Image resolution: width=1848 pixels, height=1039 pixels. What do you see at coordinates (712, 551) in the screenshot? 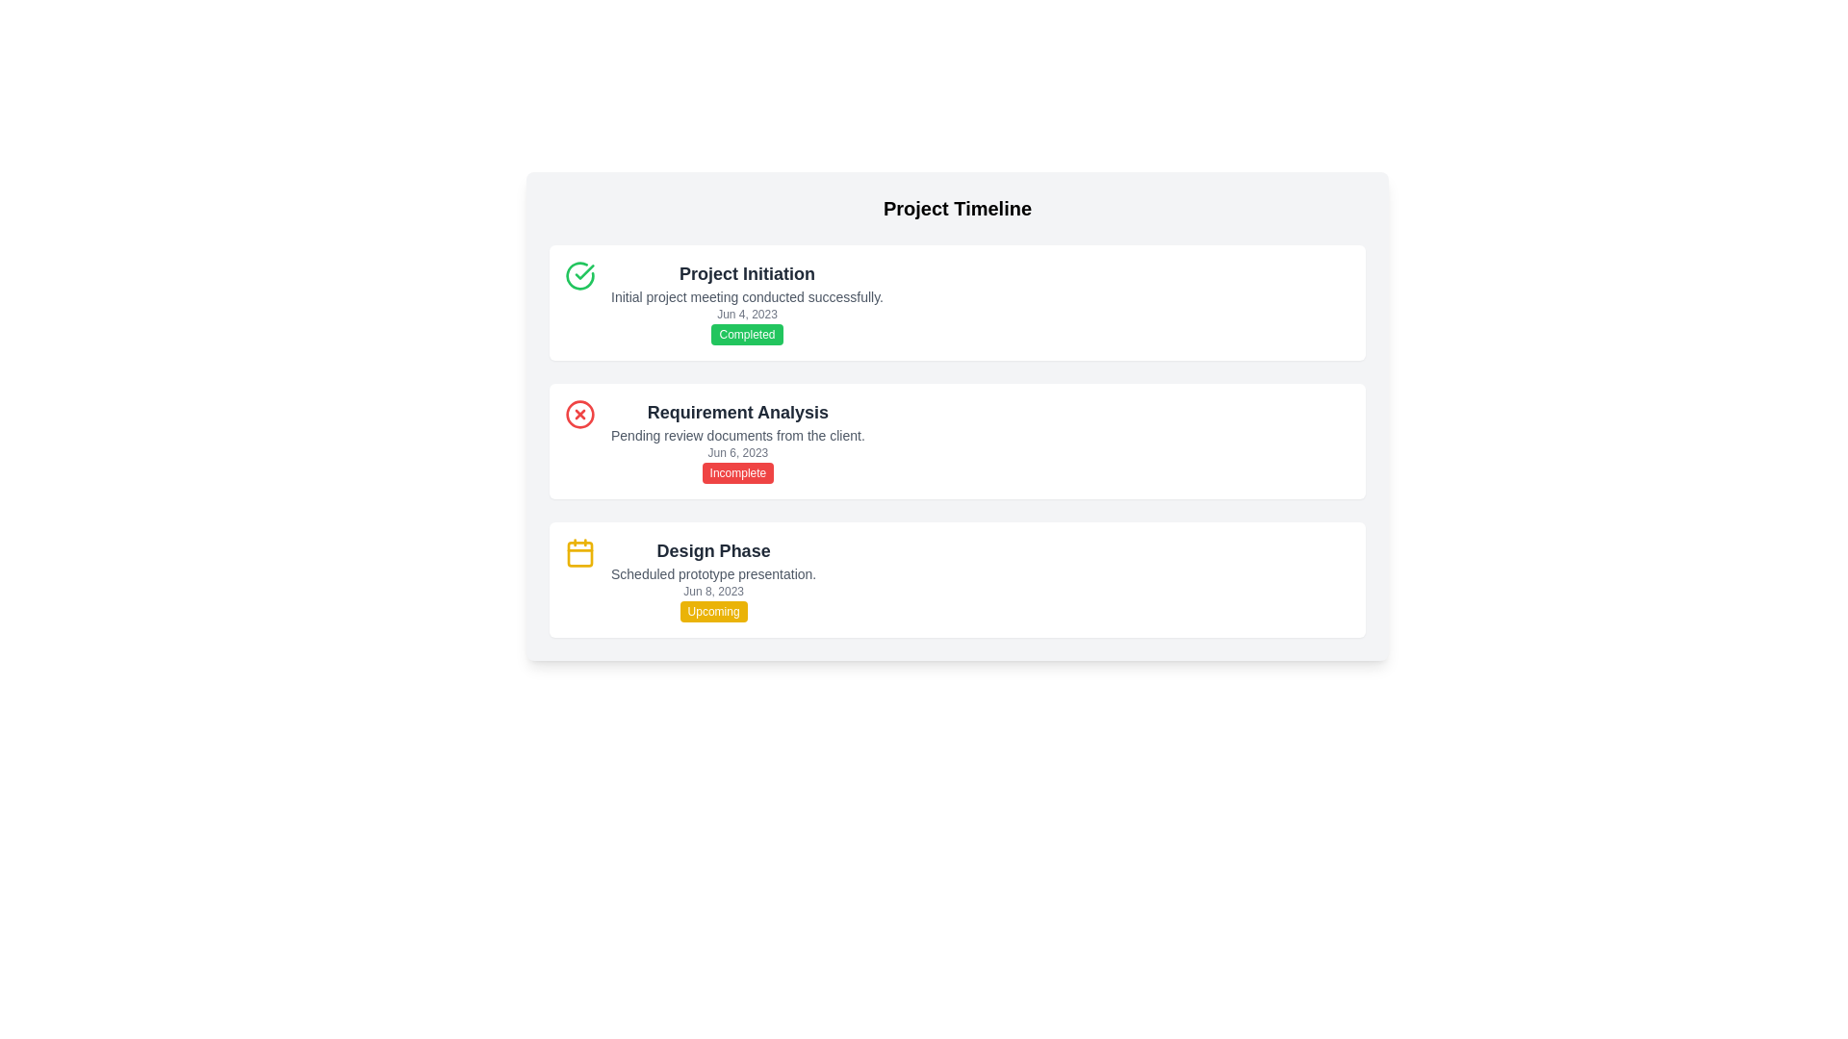
I see `text content of the Text Label indicating the 'Design Phase' in the project's timeline, which is positioned above the description 'Scheduled prototype presentation.'` at bounding box center [712, 551].